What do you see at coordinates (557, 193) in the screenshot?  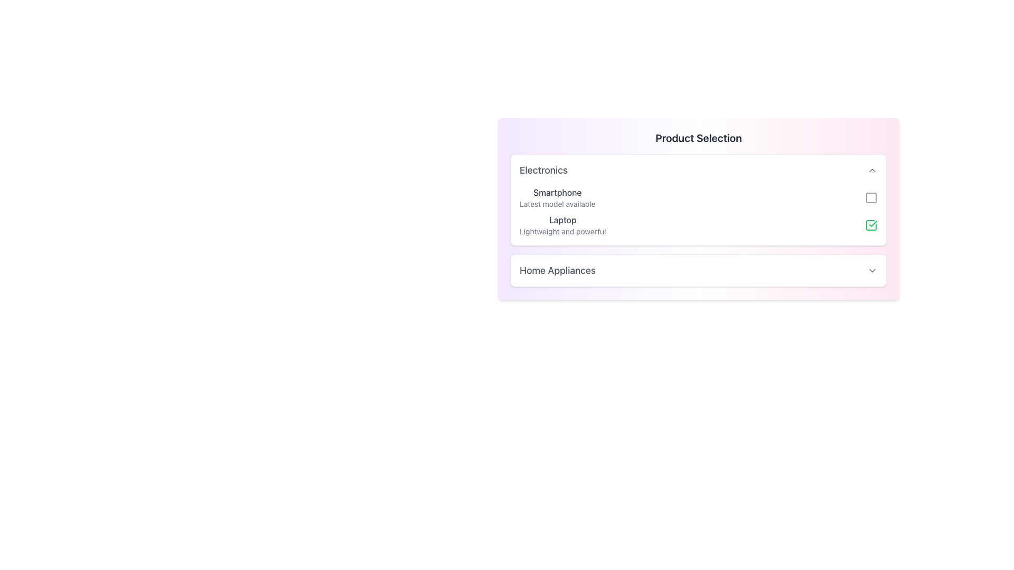 I see `the title text label for the 'Smartphone' product in the 'Electronics' category, located at the top of the section` at bounding box center [557, 193].